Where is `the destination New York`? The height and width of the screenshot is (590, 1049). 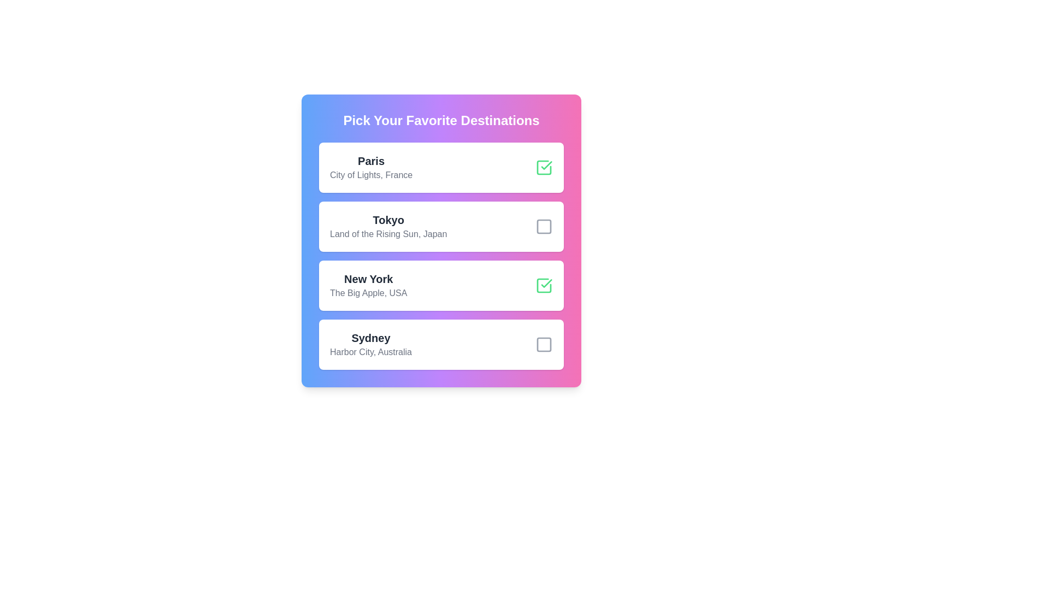
the destination New York is located at coordinates (544, 285).